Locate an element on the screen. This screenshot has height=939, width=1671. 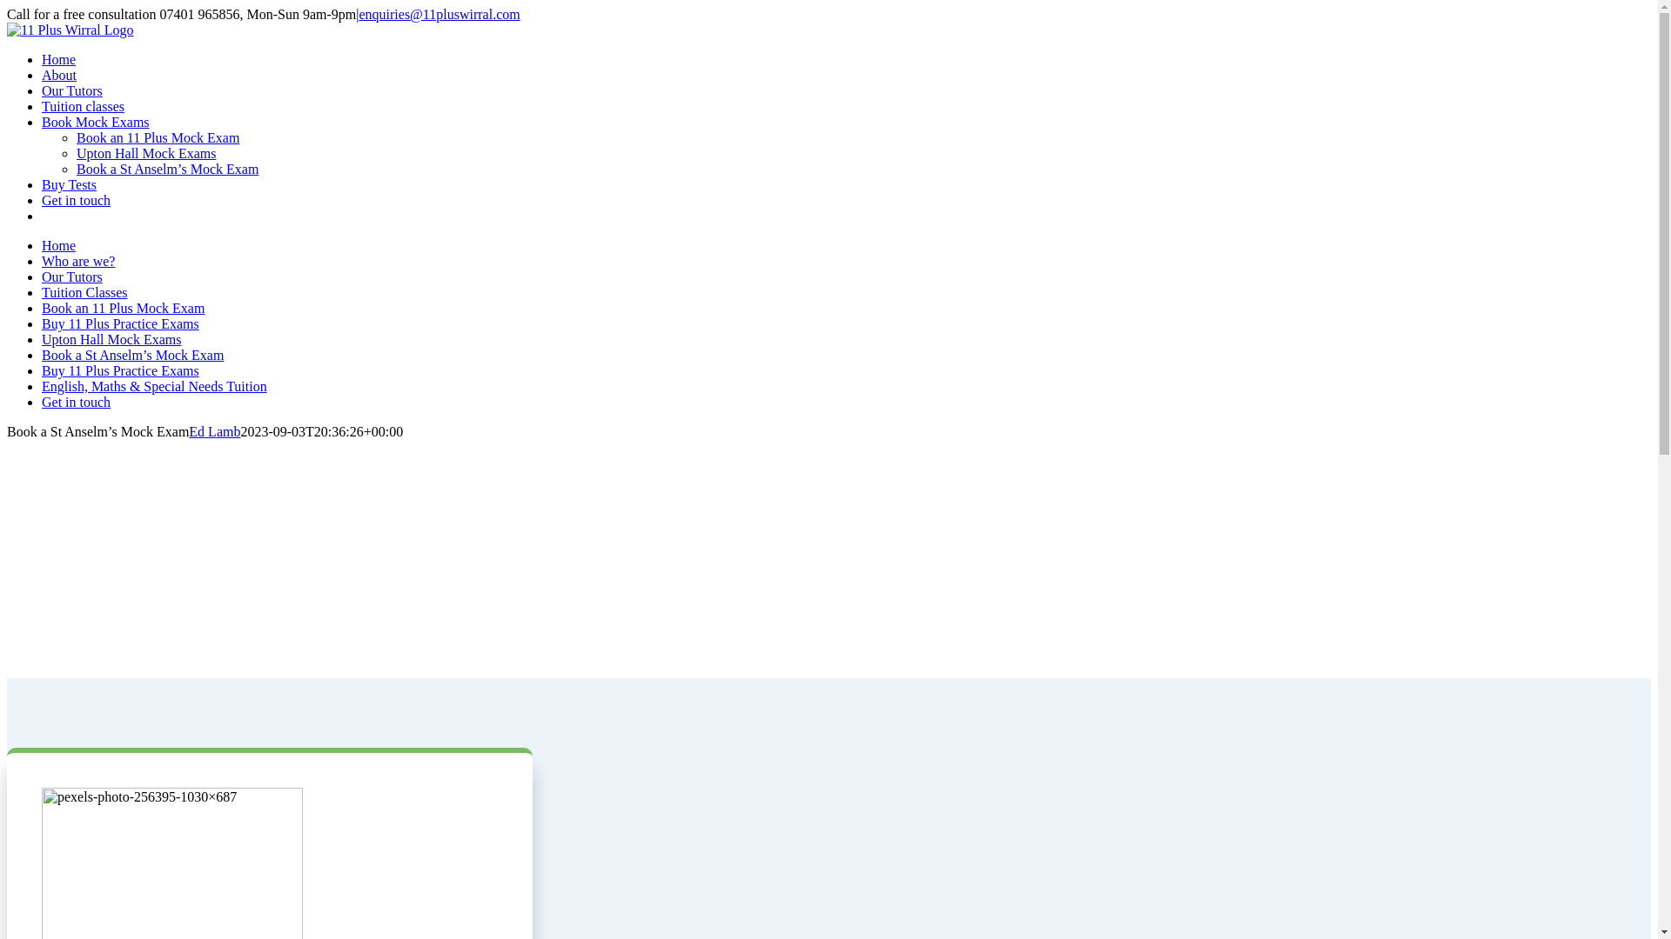
'Buy 11 Plus Practice Exams' is located at coordinates (119, 370).